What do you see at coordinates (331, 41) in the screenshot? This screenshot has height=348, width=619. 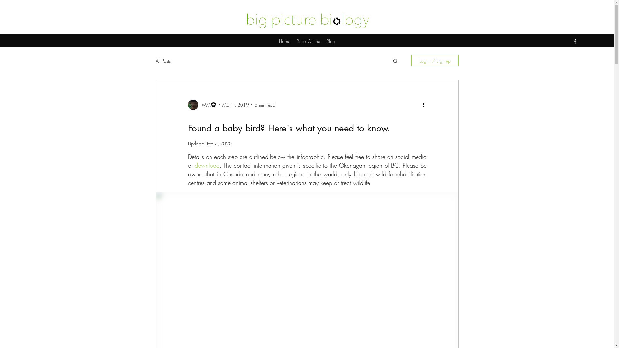 I see `'Blog'` at bounding box center [331, 41].